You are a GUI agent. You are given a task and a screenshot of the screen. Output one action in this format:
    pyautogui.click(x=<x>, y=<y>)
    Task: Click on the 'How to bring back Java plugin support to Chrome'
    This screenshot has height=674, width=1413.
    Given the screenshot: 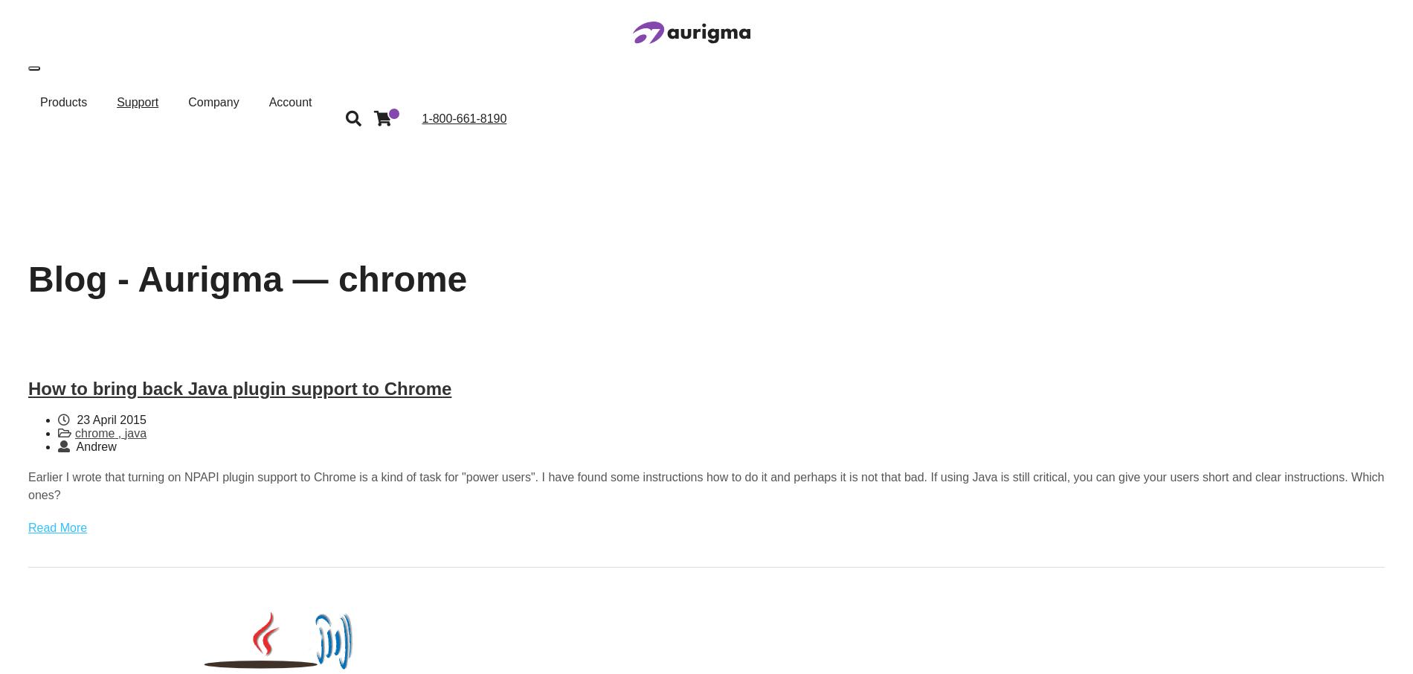 What is the action you would take?
    pyautogui.click(x=239, y=388)
    